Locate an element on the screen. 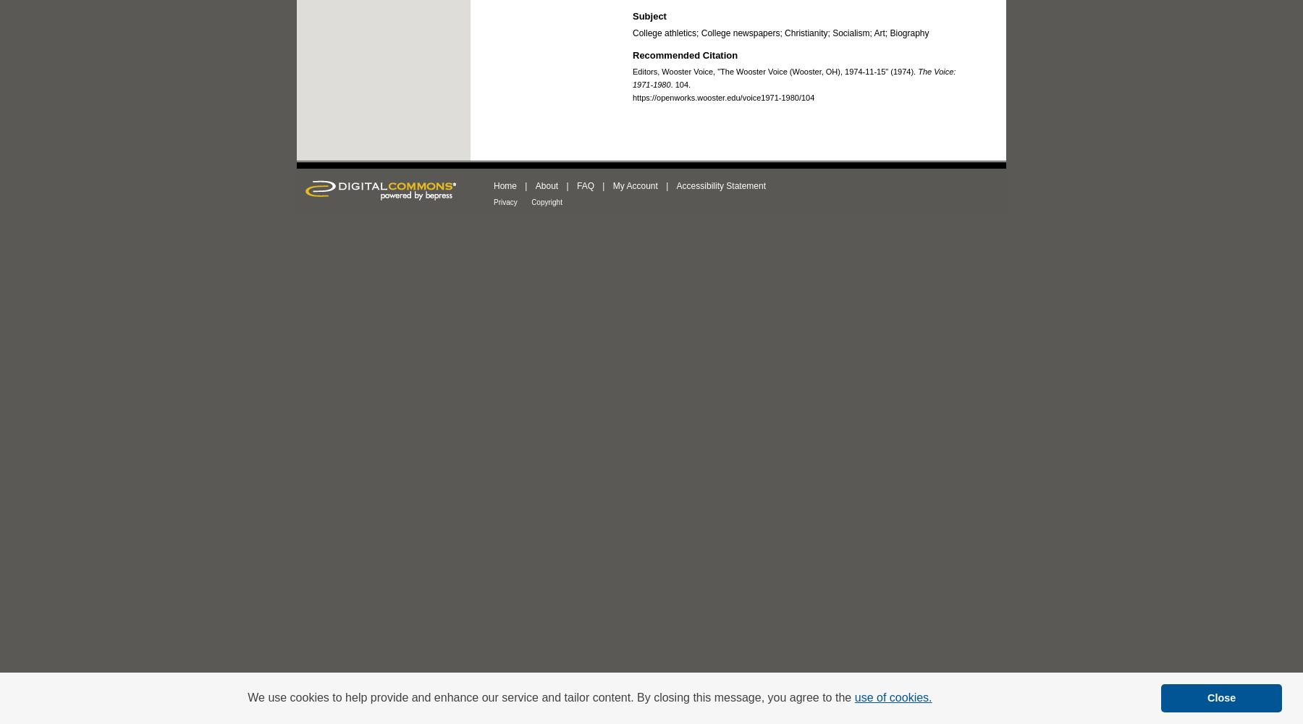  'My Account' is located at coordinates (634, 186).